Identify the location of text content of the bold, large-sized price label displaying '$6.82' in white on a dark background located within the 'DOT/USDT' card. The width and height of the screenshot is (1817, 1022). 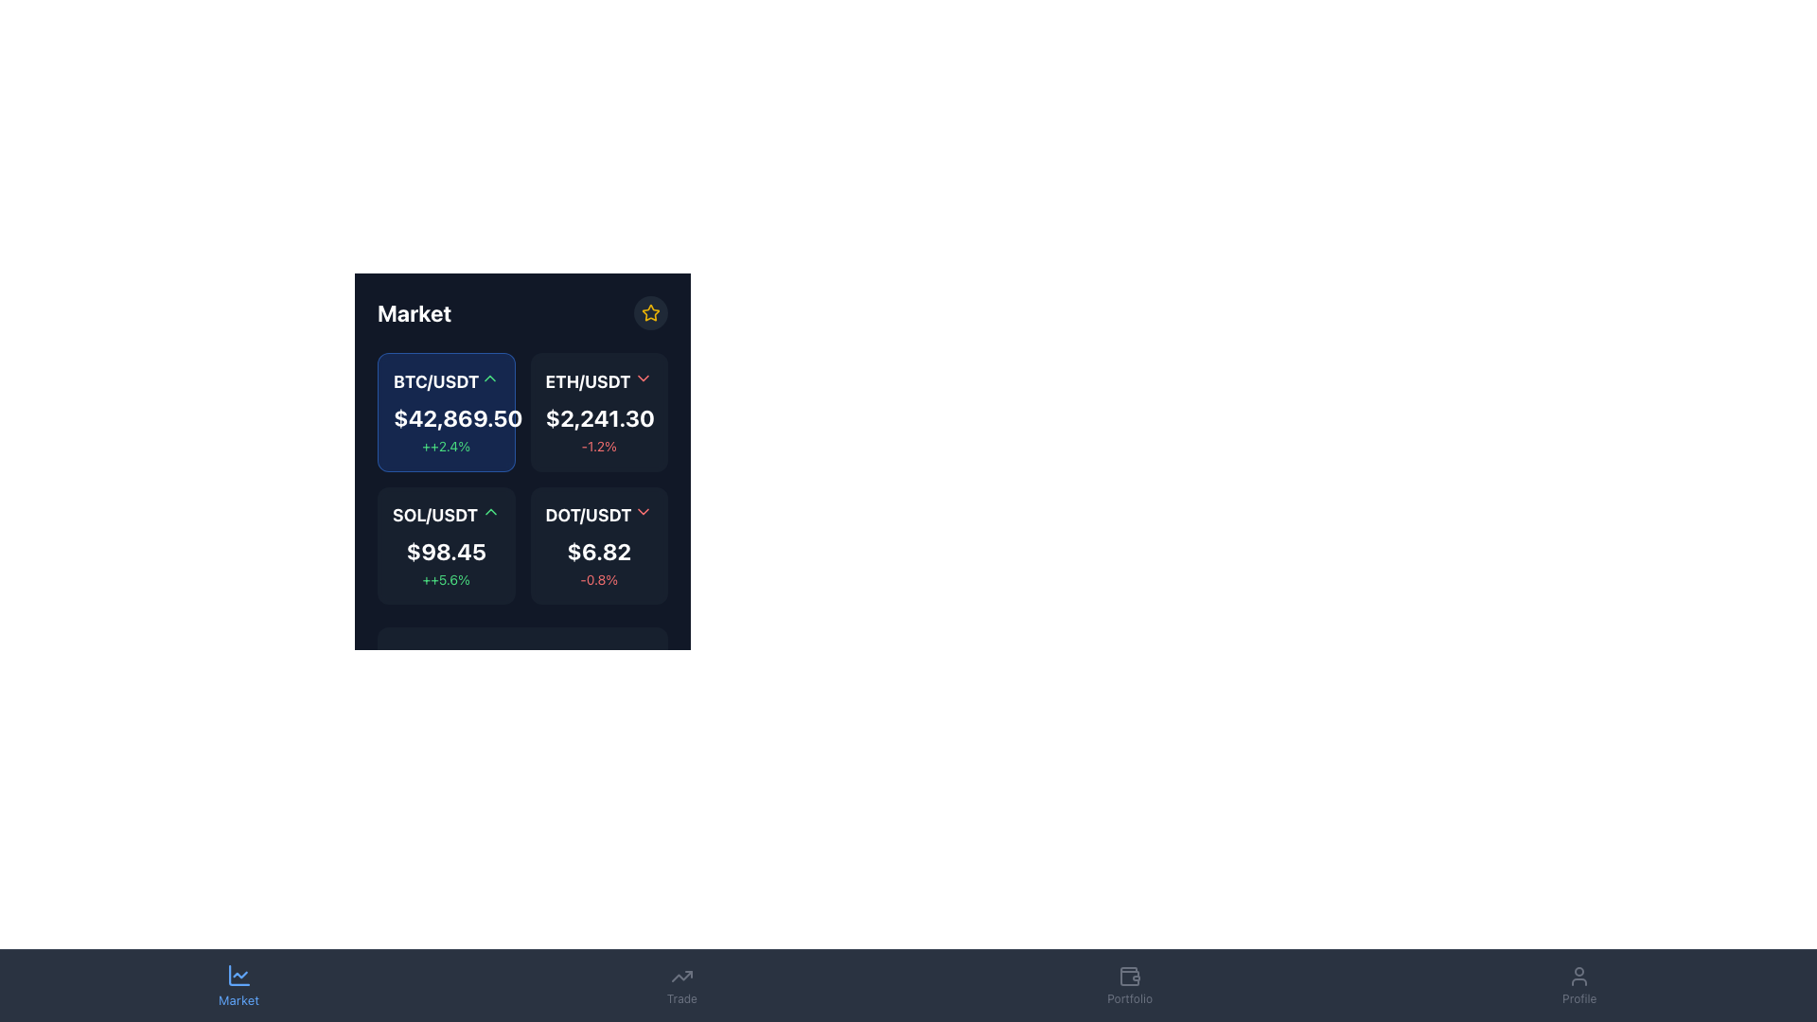
(598, 551).